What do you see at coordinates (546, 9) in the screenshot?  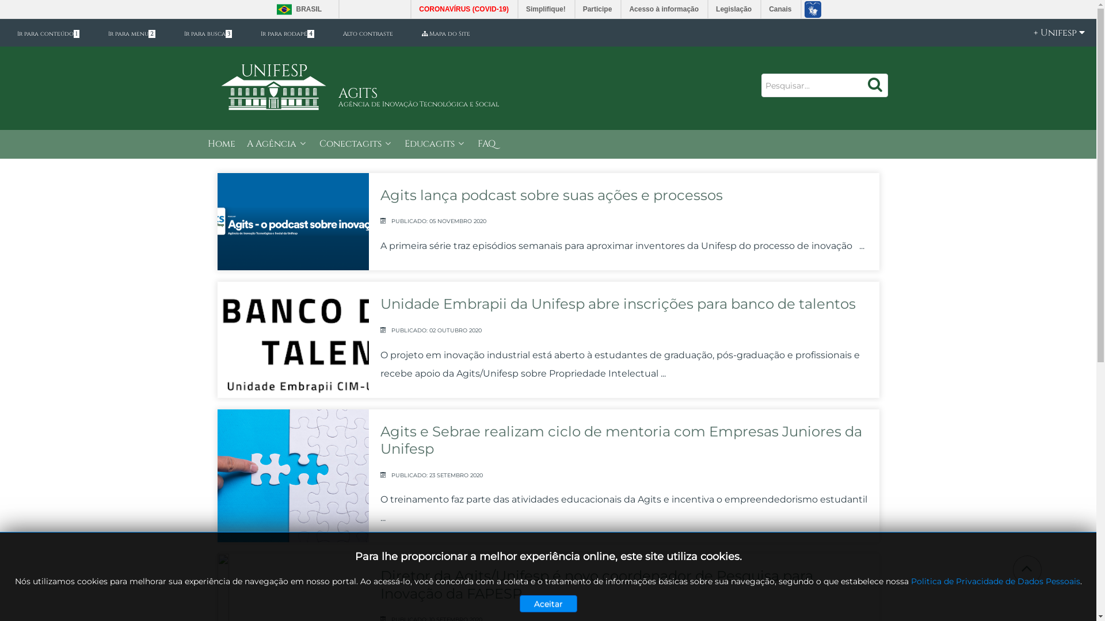 I see `'Simplifique!'` at bounding box center [546, 9].